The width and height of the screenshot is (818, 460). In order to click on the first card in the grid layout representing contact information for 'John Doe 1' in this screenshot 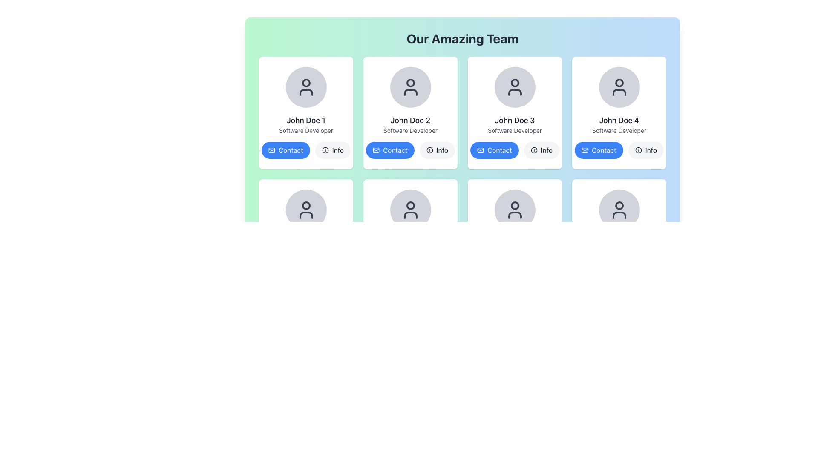, I will do `click(306, 112)`.